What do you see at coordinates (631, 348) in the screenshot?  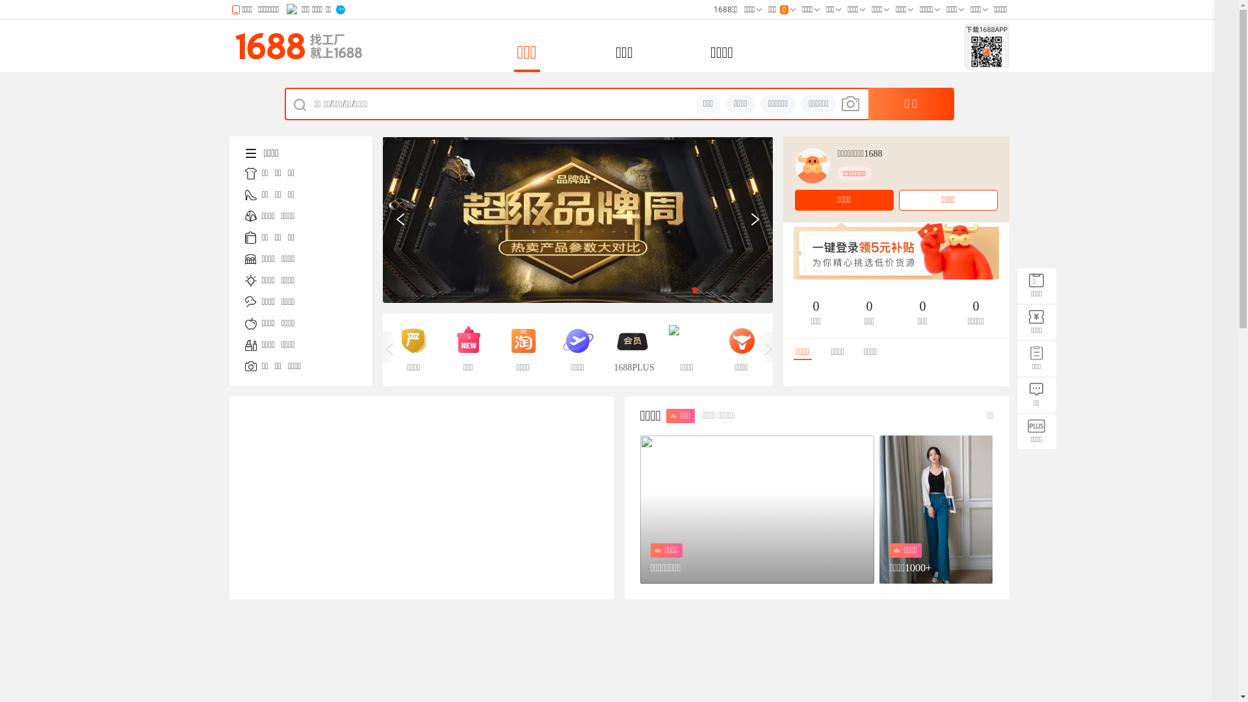 I see `'1688PLUS'` at bounding box center [631, 348].